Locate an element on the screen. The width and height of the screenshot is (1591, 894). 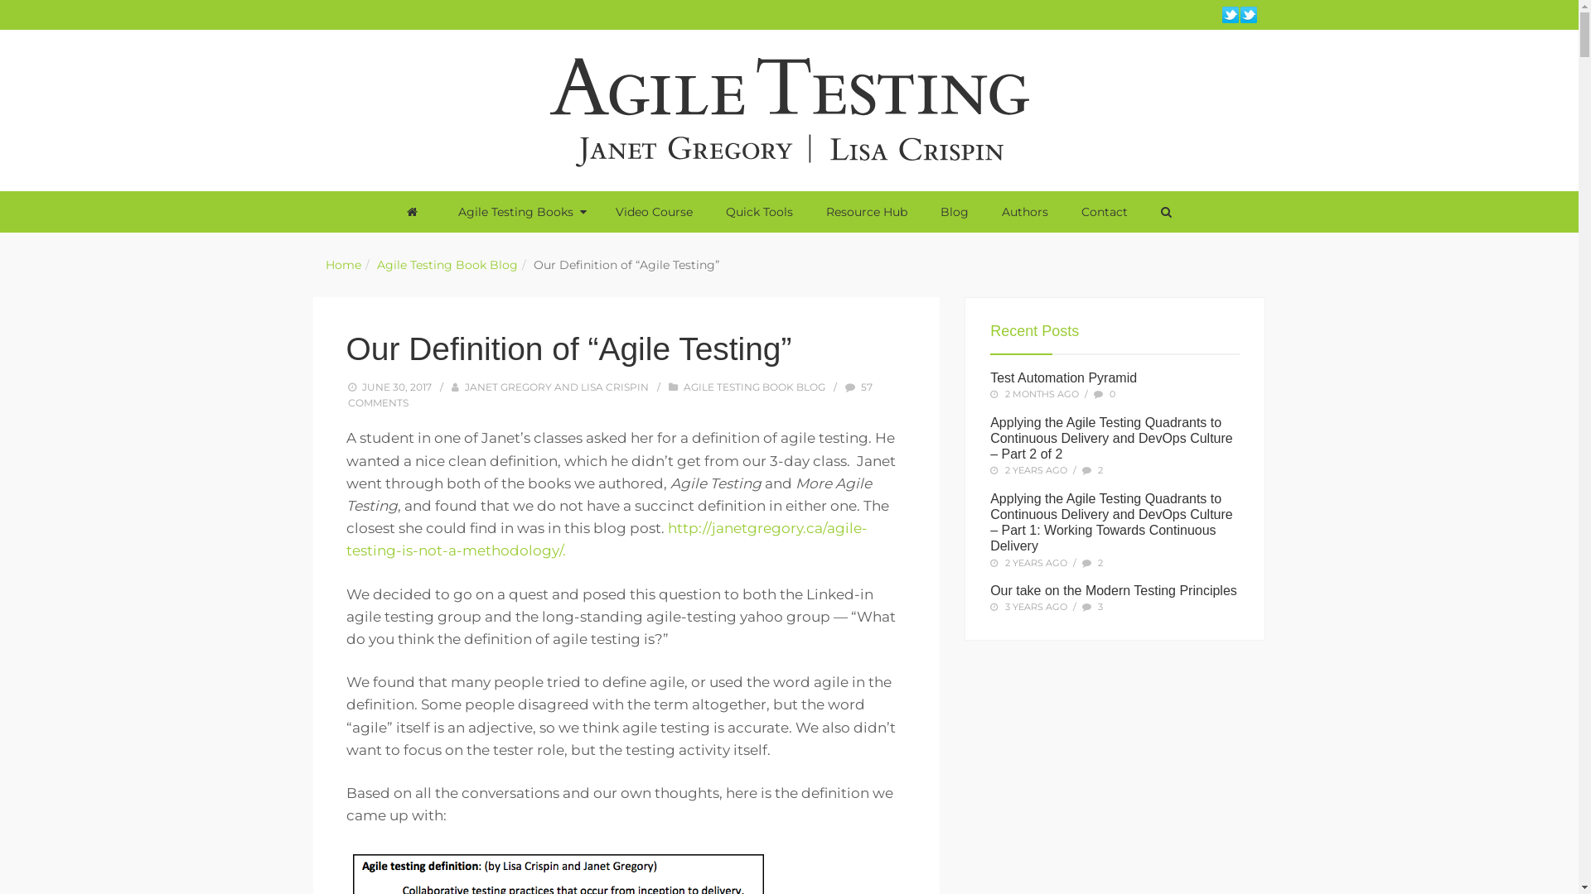
'AGILE TESTING BOOK BLOG' is located at coordinates (684, 387).